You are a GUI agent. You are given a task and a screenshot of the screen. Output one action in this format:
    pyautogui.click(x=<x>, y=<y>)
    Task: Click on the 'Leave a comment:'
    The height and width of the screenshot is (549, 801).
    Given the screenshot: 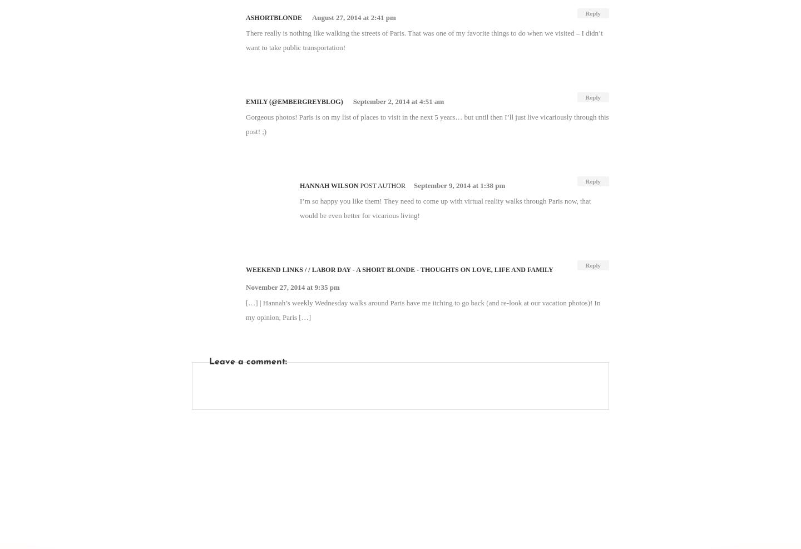 What is the action you would take?
    pyautogui.click(x=208, y=362)
    